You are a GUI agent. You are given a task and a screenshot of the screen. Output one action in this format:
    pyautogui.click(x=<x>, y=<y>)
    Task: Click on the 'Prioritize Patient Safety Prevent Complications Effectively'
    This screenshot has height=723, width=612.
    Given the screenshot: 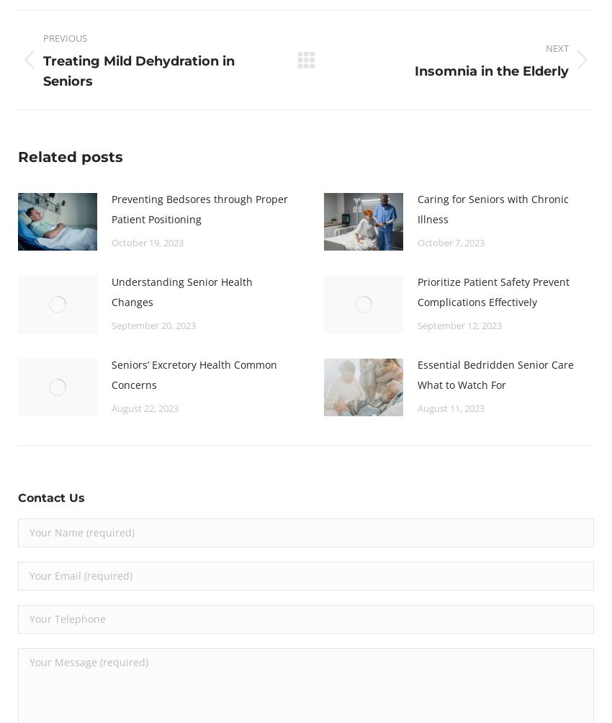 What is the action you would take?
    pyautogui.click(x=492, y=290)
    